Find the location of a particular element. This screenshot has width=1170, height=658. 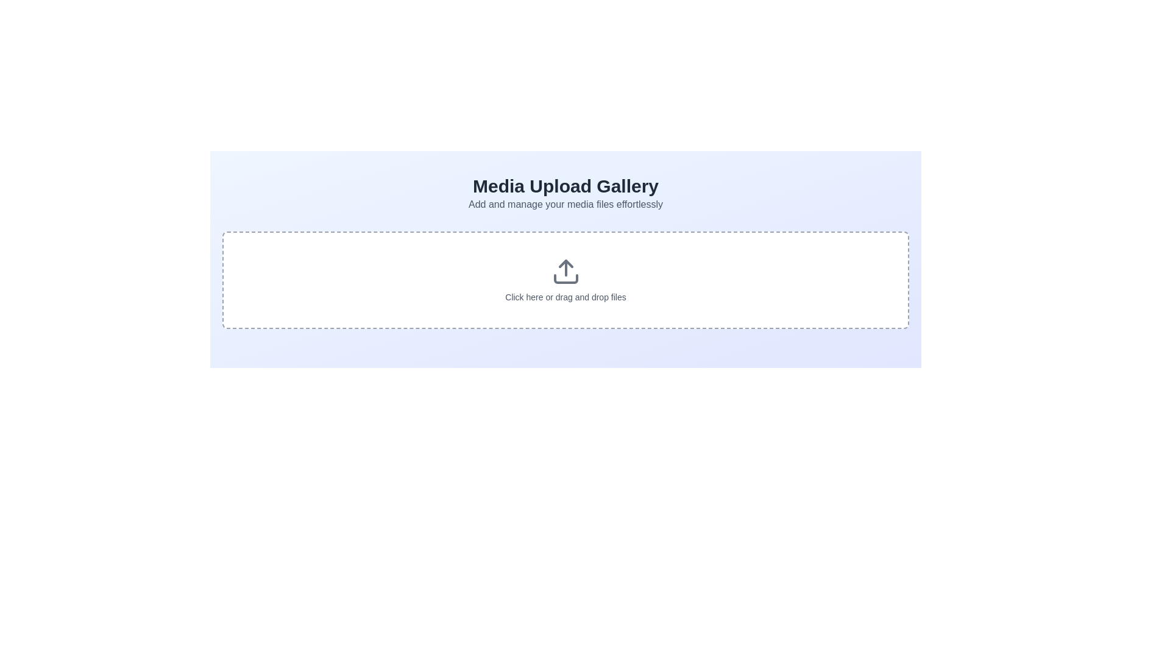

the decorative graphical element that is part of the upload icon, positioned below the arrow symbol and above the vertical line is located at coordinates (565, 279).